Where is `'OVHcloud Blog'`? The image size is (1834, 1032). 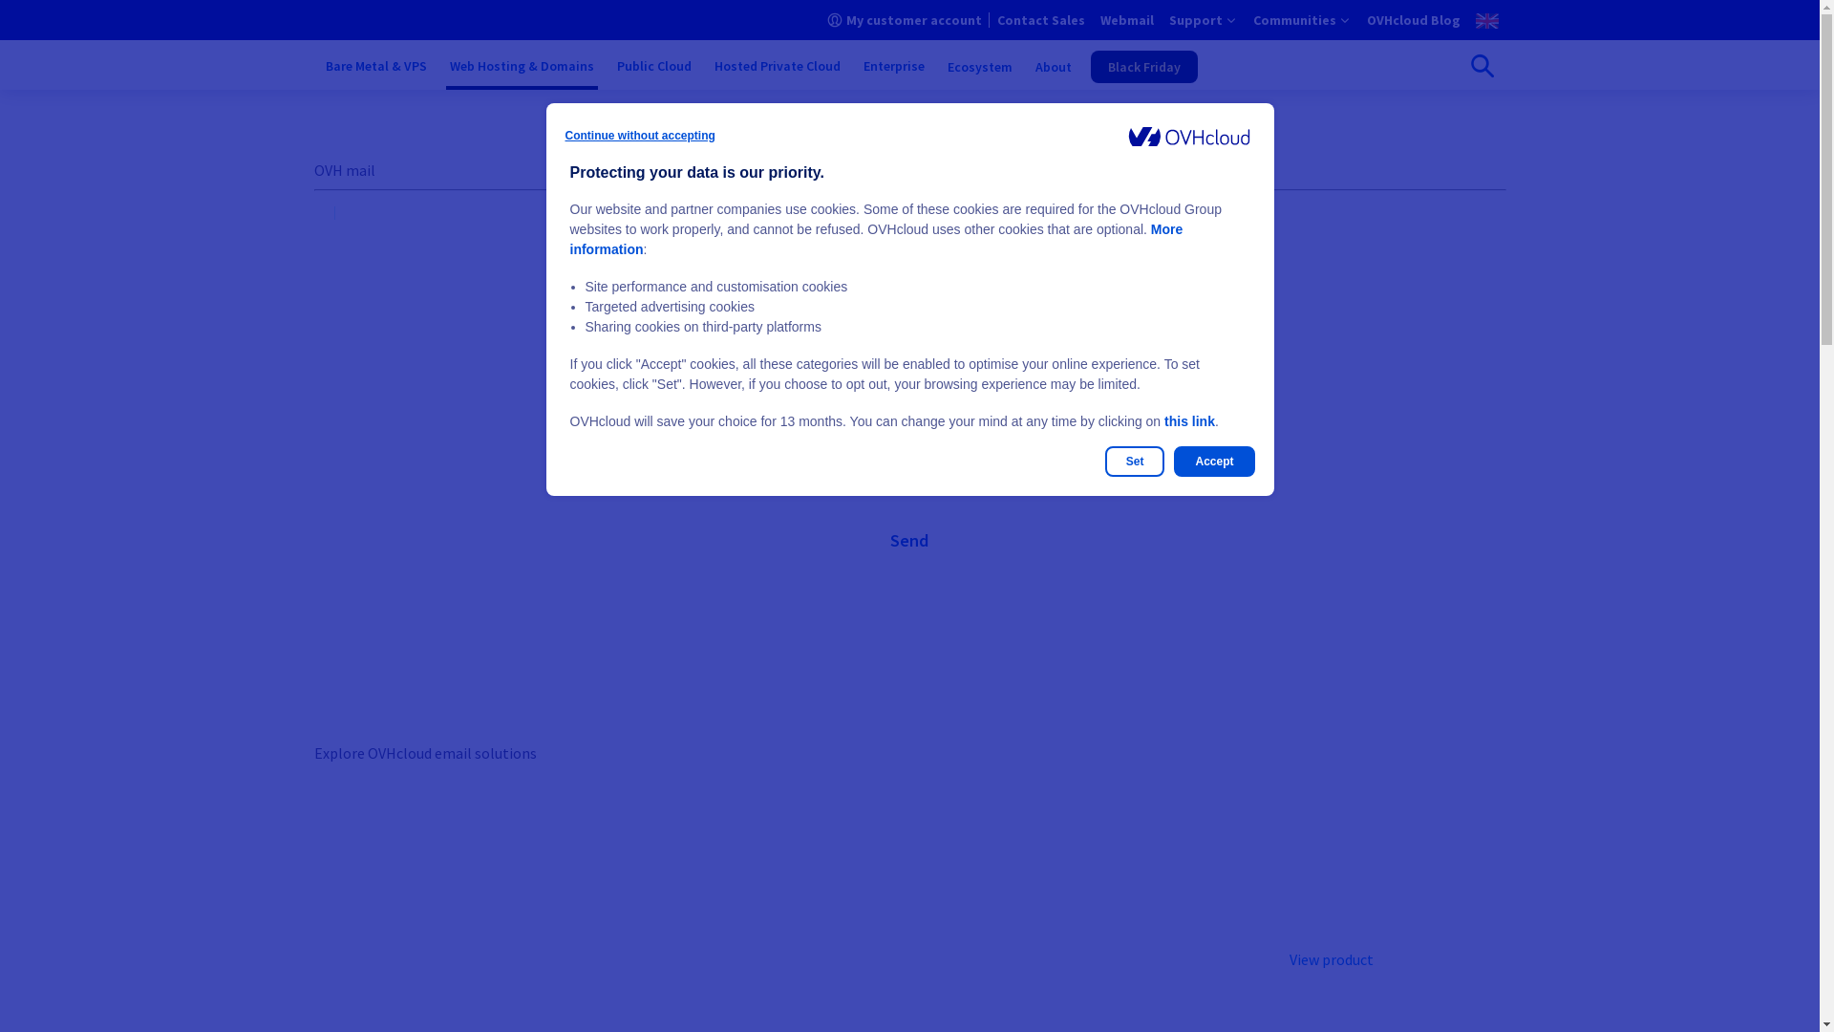
'OVHcloud Blog' is located at coordinates (1412, 19).